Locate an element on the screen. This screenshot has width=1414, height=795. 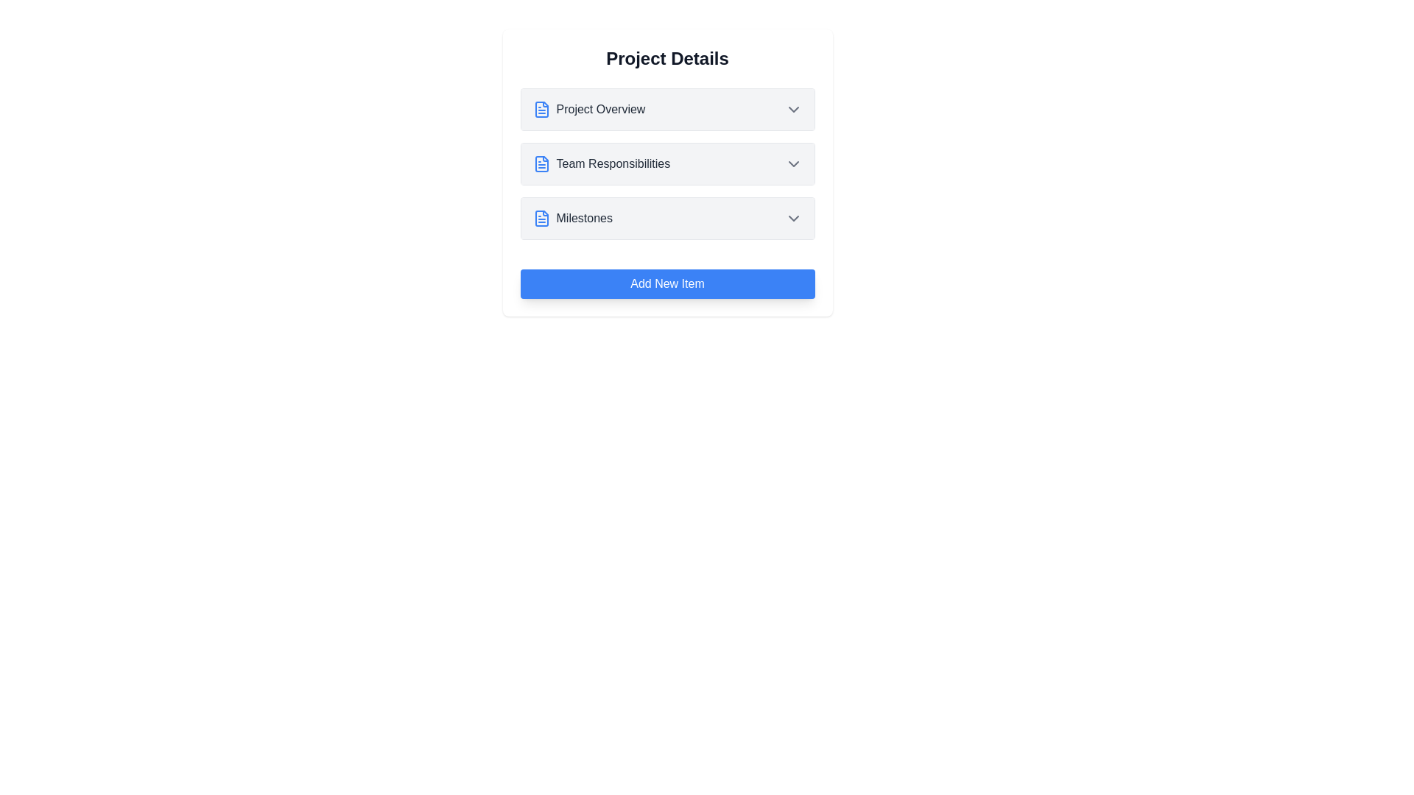
the icon next to the item title Team Responsibilities is located at coordinates (541, 164).